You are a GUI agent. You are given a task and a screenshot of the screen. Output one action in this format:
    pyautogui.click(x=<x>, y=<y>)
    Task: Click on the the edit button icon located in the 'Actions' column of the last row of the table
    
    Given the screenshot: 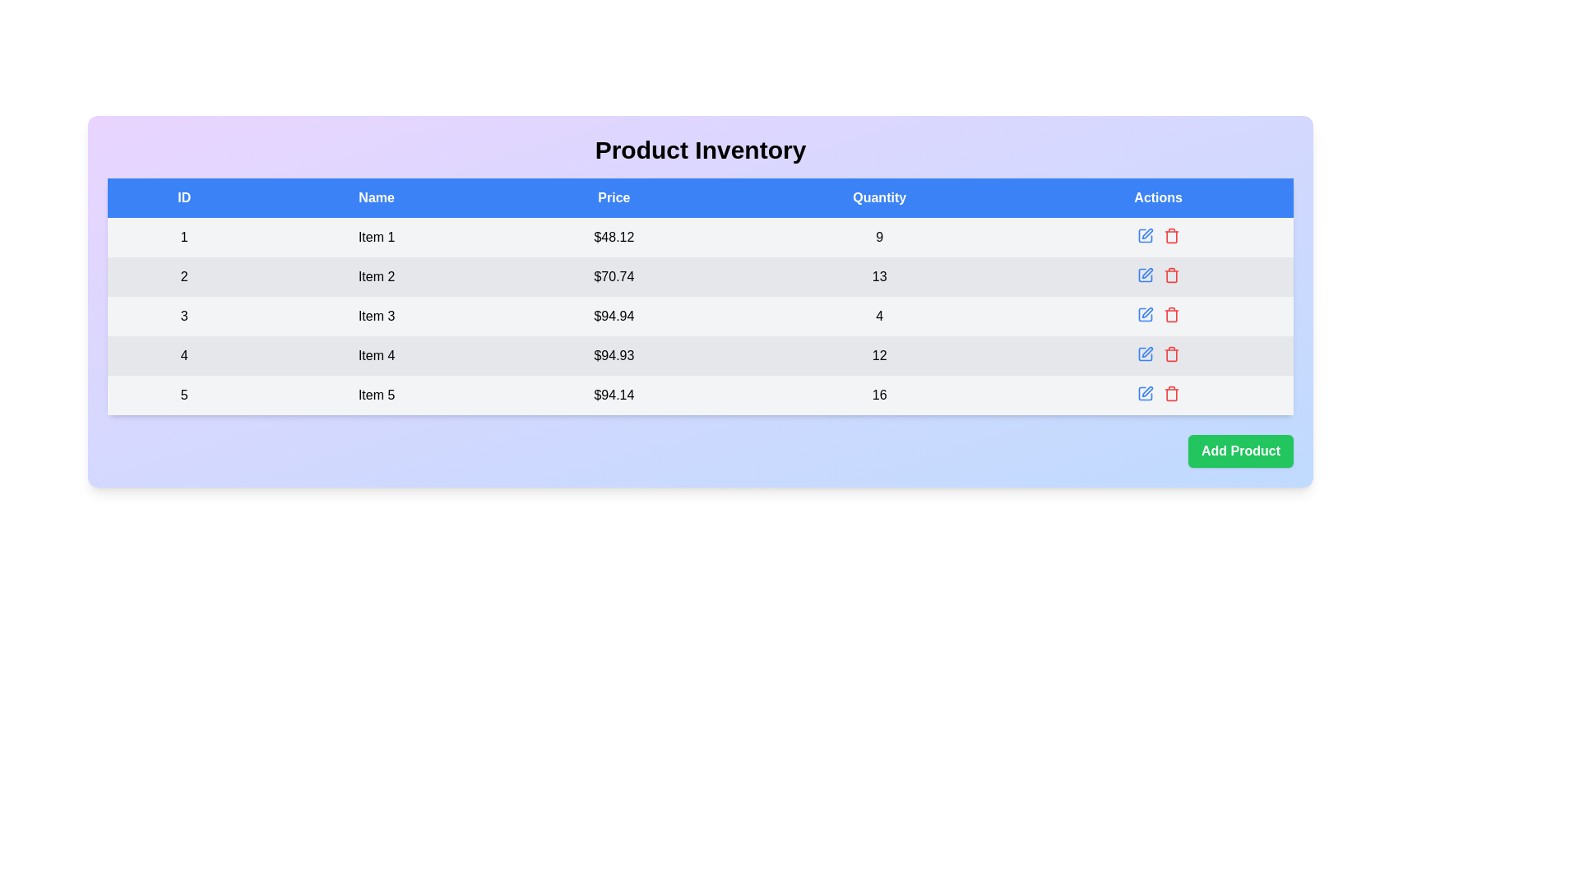 What is the action you would take?
    pyautogui.click(x=1146, y=391)
    